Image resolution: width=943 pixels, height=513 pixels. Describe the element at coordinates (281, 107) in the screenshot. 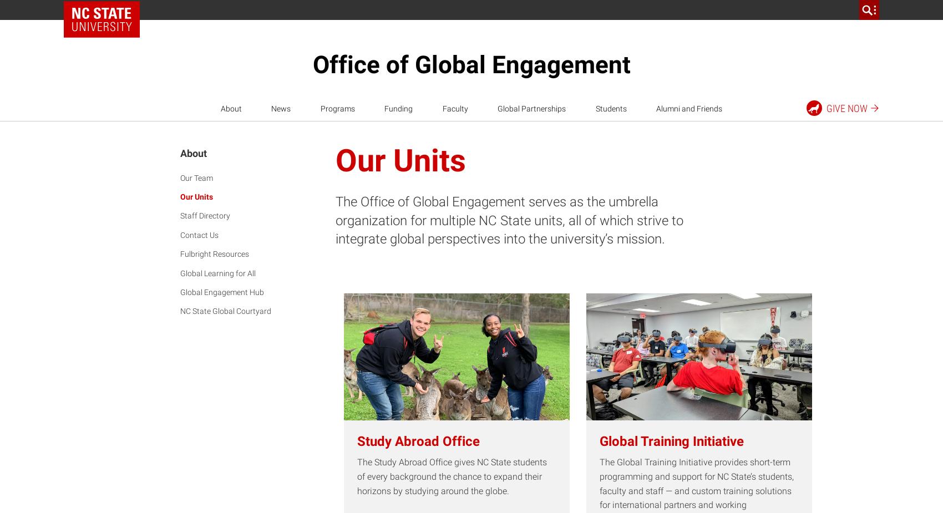

I see `'News'` at that location.